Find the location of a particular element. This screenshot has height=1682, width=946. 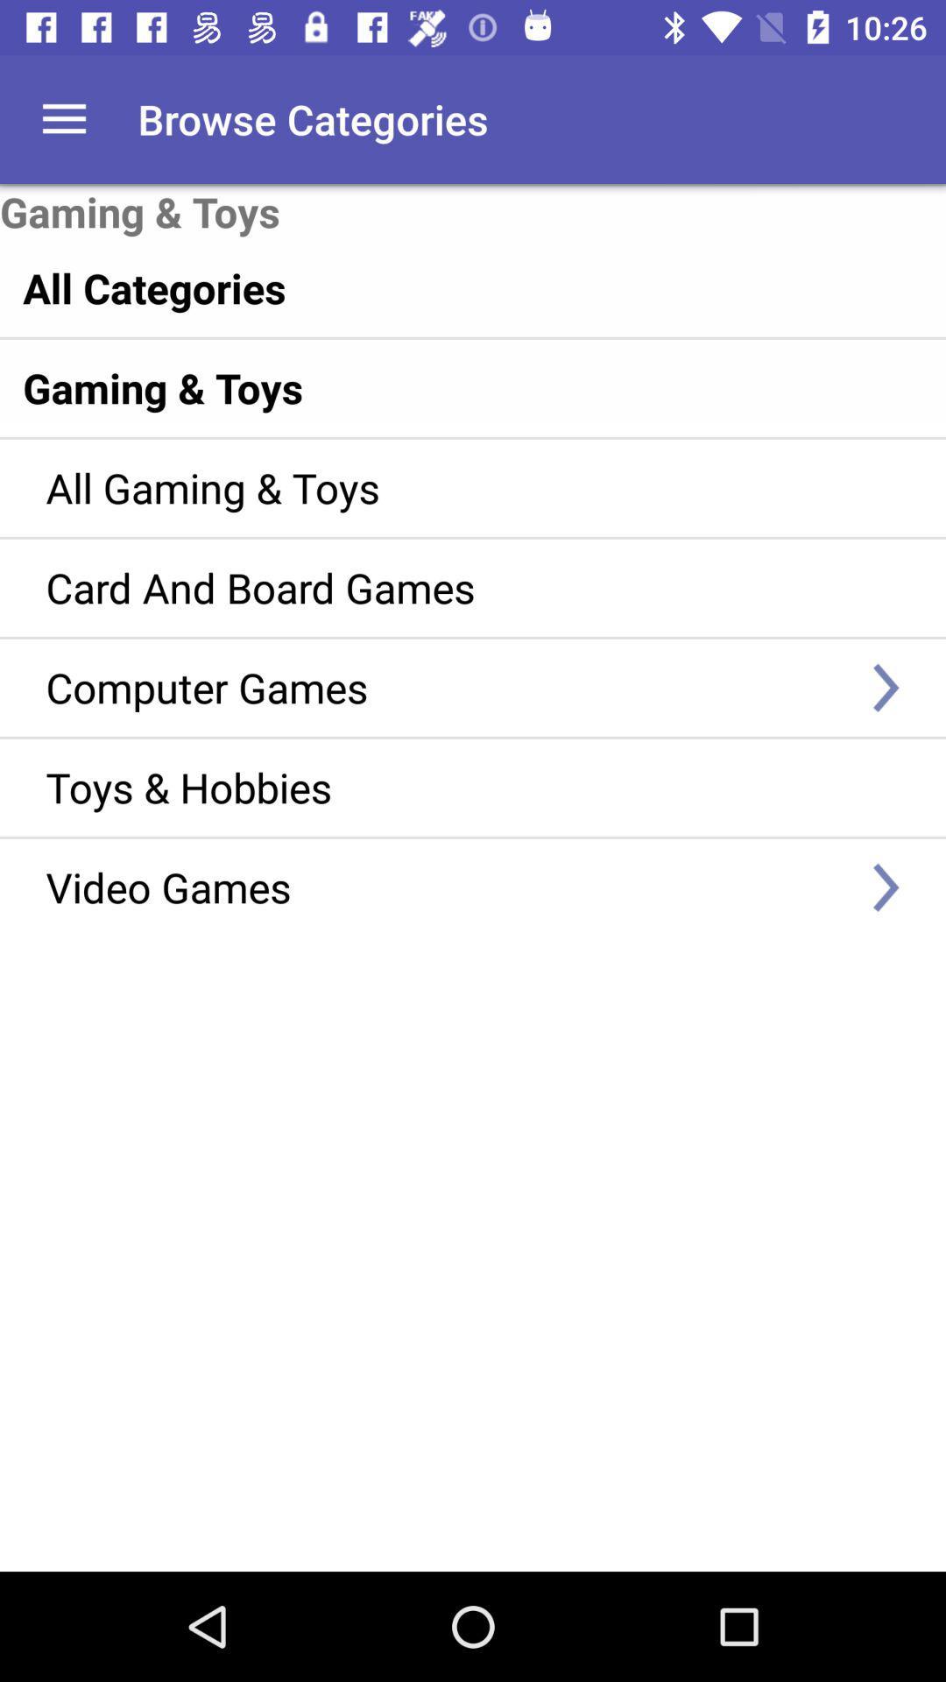

item below all gaming & toys is located at coordinates (447, 587).